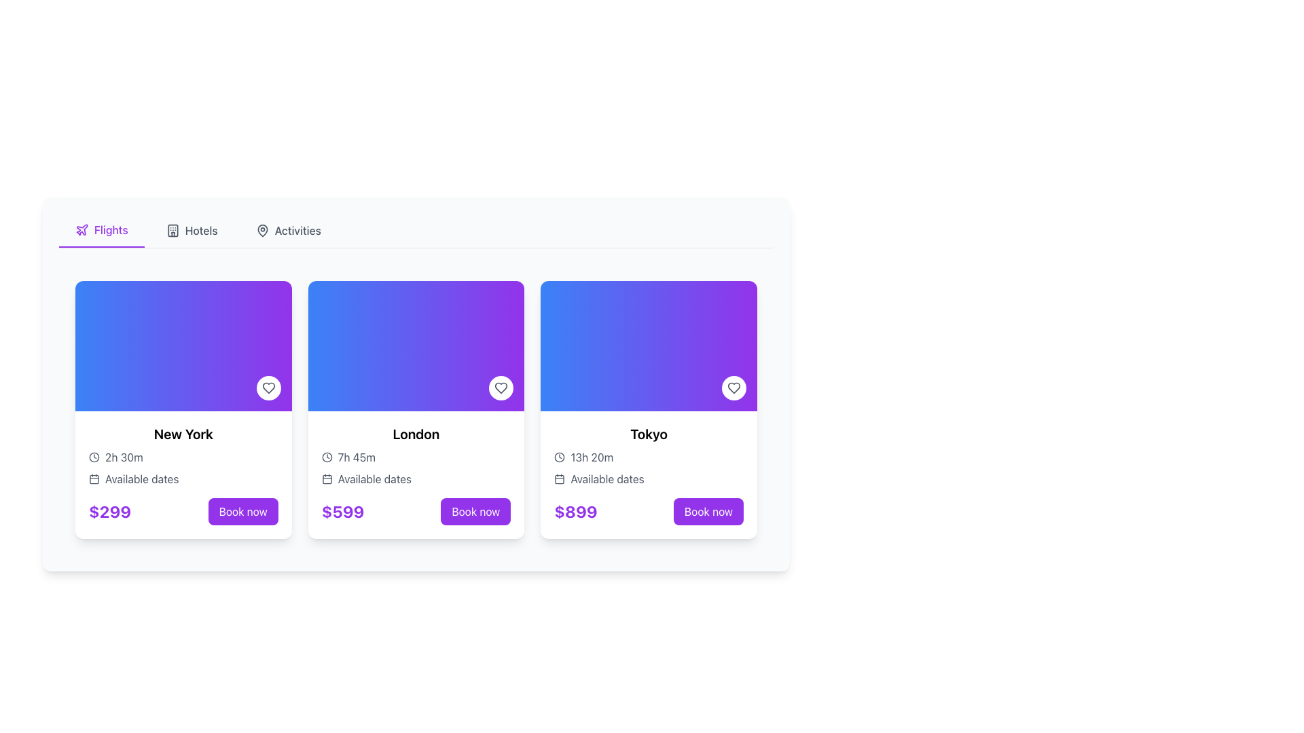 The width and height of the screenshot is (1304, 733). What do you see at coordinates (101, 229) in the screenshot?
I see `the 'Flights' tab button located in the top-left section of the navigation bar` at bounding box center [101, 229].